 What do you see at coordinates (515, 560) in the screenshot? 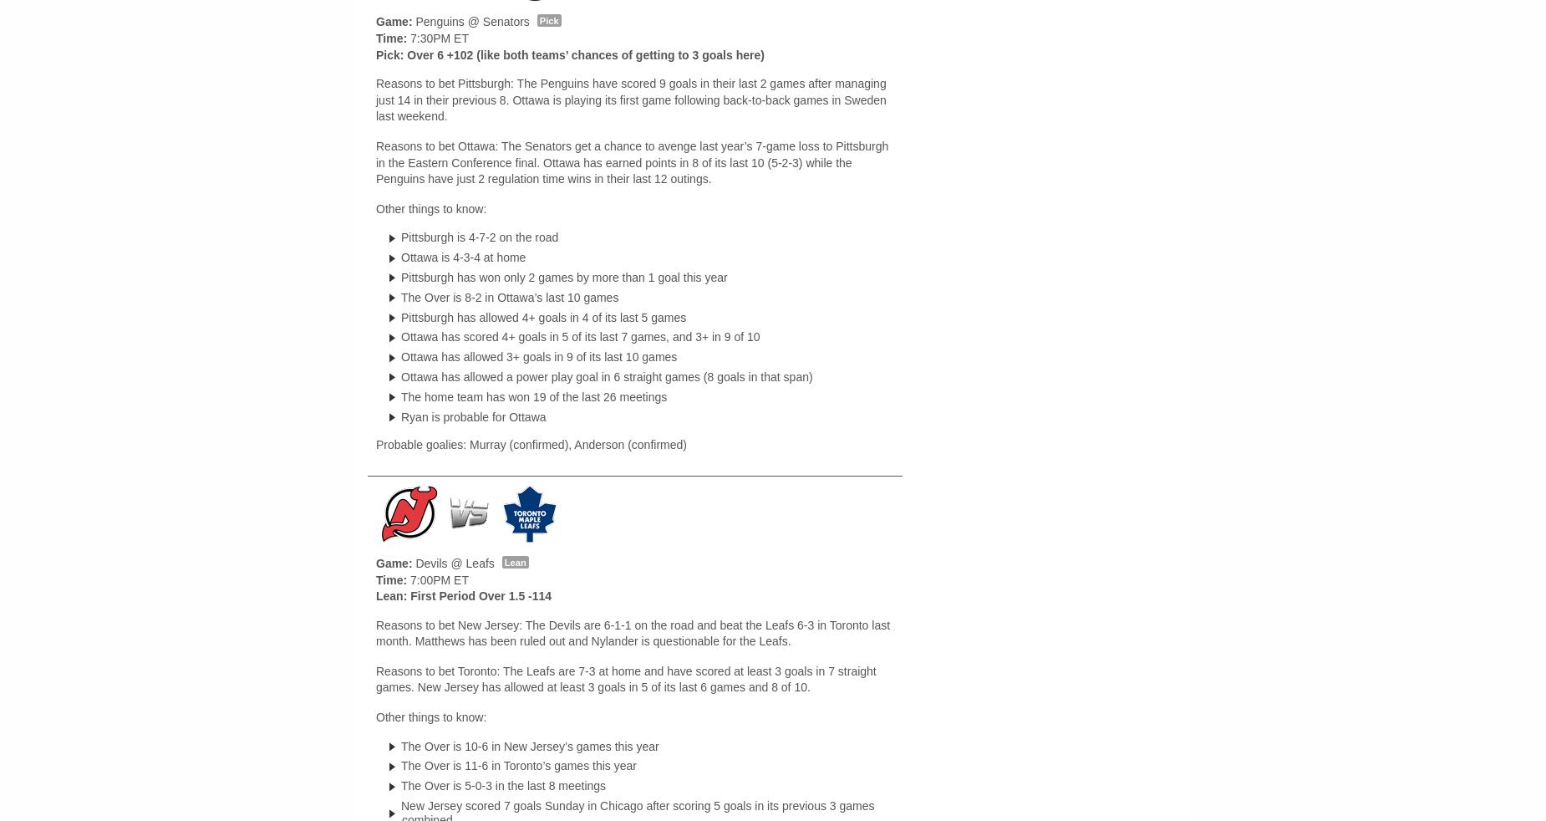
I see `'Lean'` at bounding box center [515, 560].